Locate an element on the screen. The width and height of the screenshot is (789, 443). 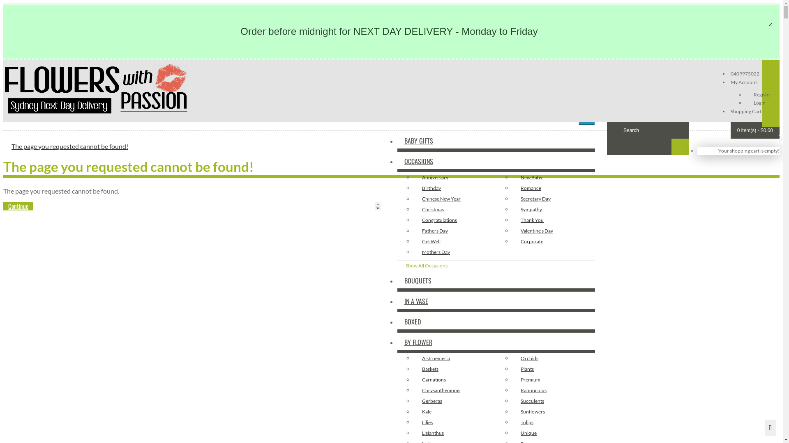
'Secretary Day' is located at coordinates (554, 199).